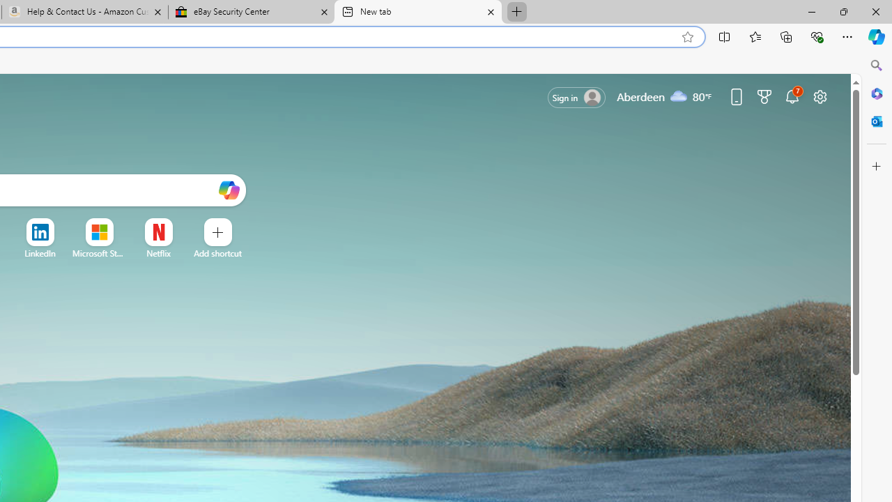 The height and width of the screenshot is (502, 892). What do you see at coordinates (158, 253) in the screenshot?
I see `'Netflix'` at bounding box center [158, 253].